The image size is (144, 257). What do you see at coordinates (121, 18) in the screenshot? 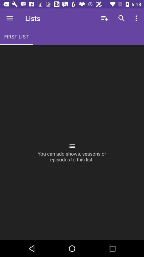
I see `item above you can add icon` at bounding box center [121, 18].